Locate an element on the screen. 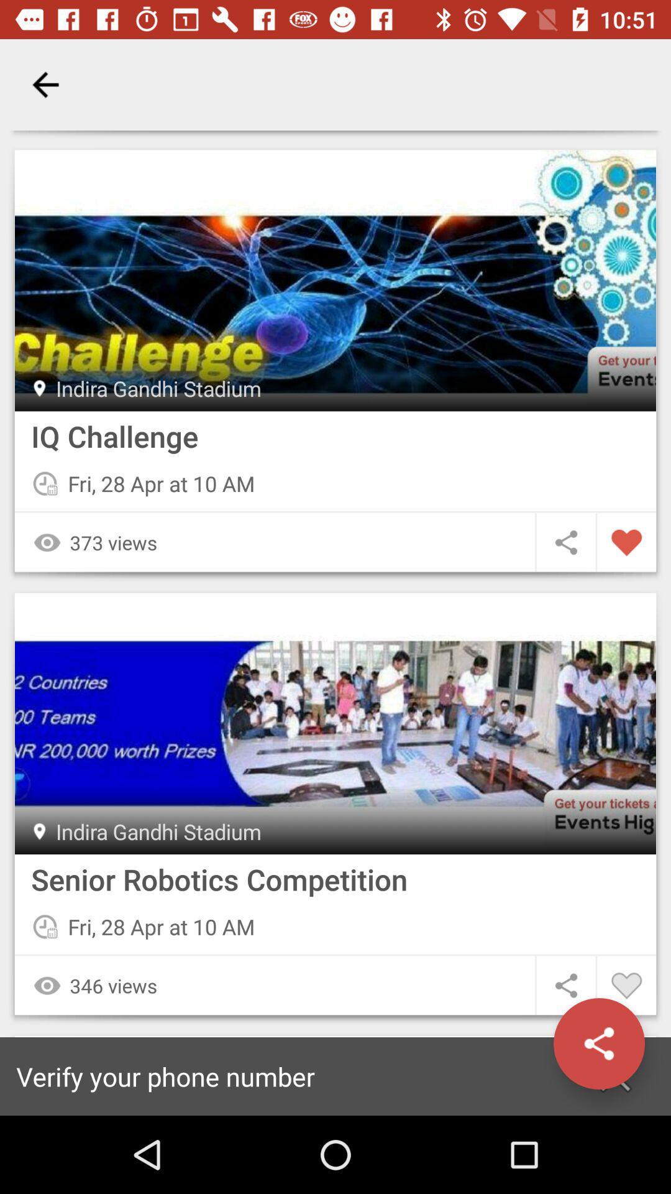  the share icon is located at coordinates (598, 1044).